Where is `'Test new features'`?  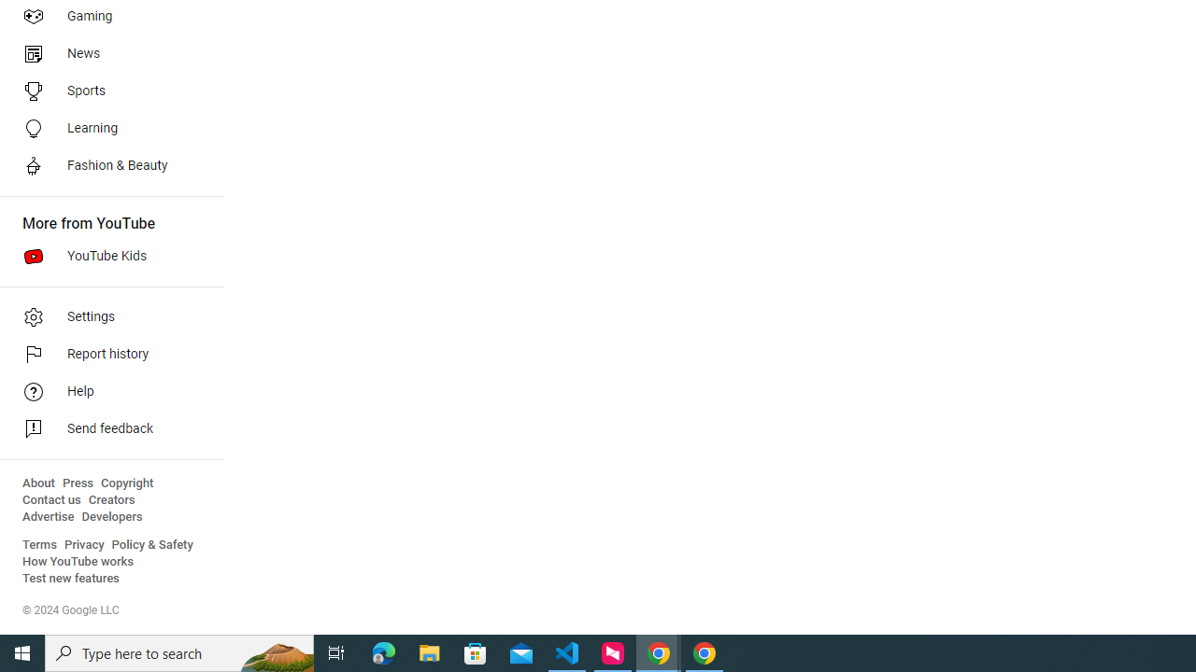 'Test new features' is located at coordinates (71, 578).